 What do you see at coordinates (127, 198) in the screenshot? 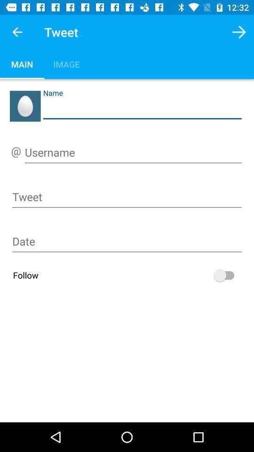
I see `tweet` at bounding box center [127, 198].